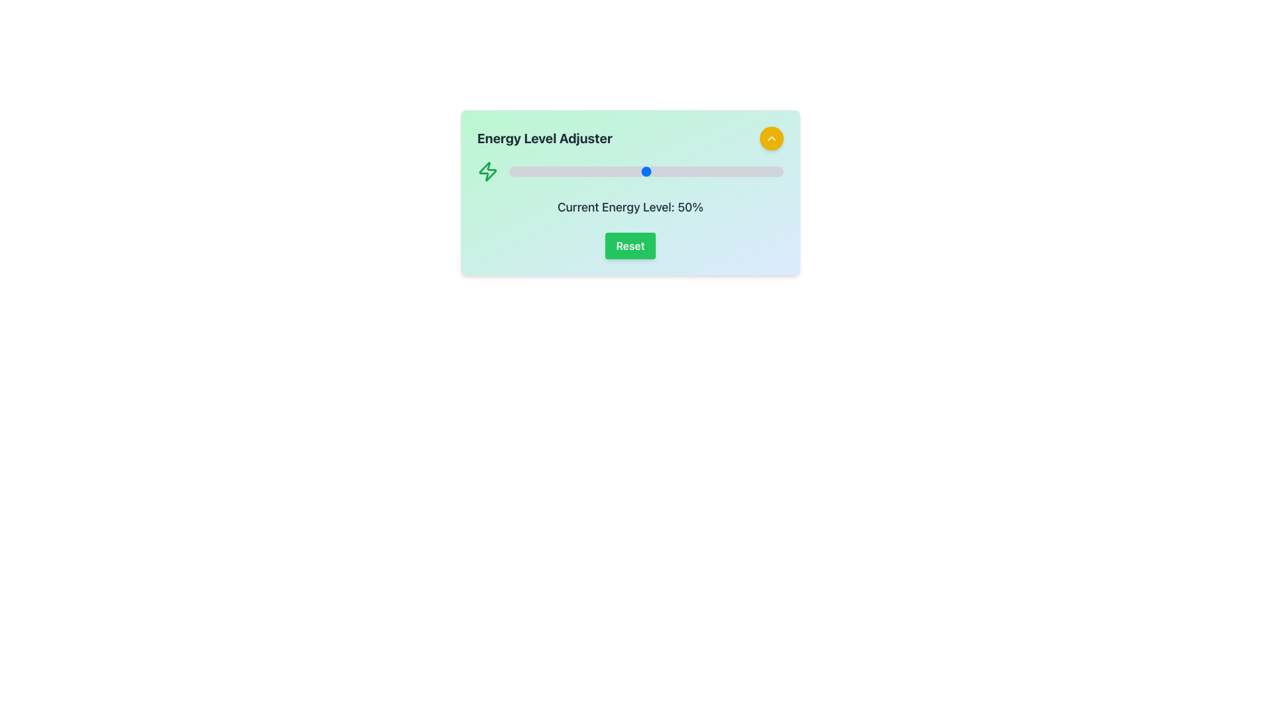 This screenshot has height=716, width=1273. What do you see at coordinates (728, 170) in the screenshot?
I see `energy level` at bounding box center [728, 170].